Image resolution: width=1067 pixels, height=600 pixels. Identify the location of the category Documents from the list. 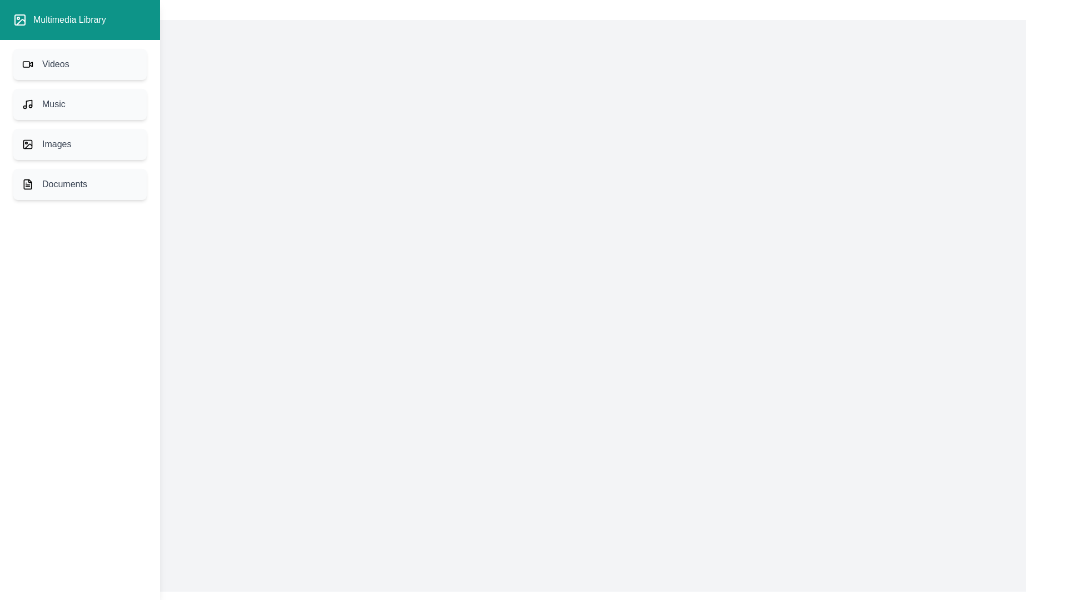
(79, 183).